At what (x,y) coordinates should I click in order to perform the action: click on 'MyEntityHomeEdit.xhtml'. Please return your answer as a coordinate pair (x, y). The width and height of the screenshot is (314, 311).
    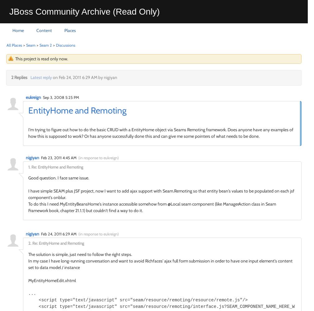
    Looking at the image, I should click on (52, 280).